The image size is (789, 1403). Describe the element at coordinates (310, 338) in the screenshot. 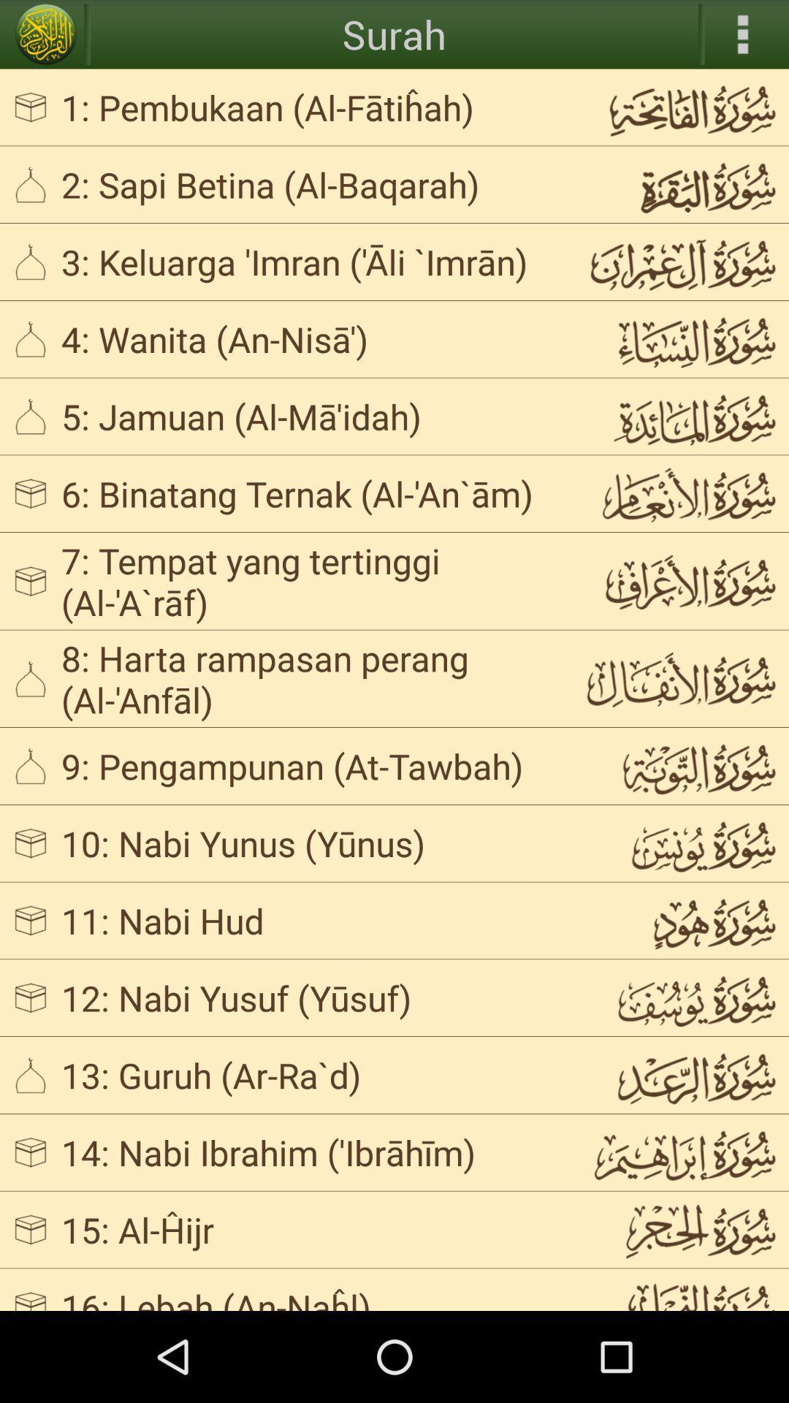

I see `the 4 wanita an` at that location.